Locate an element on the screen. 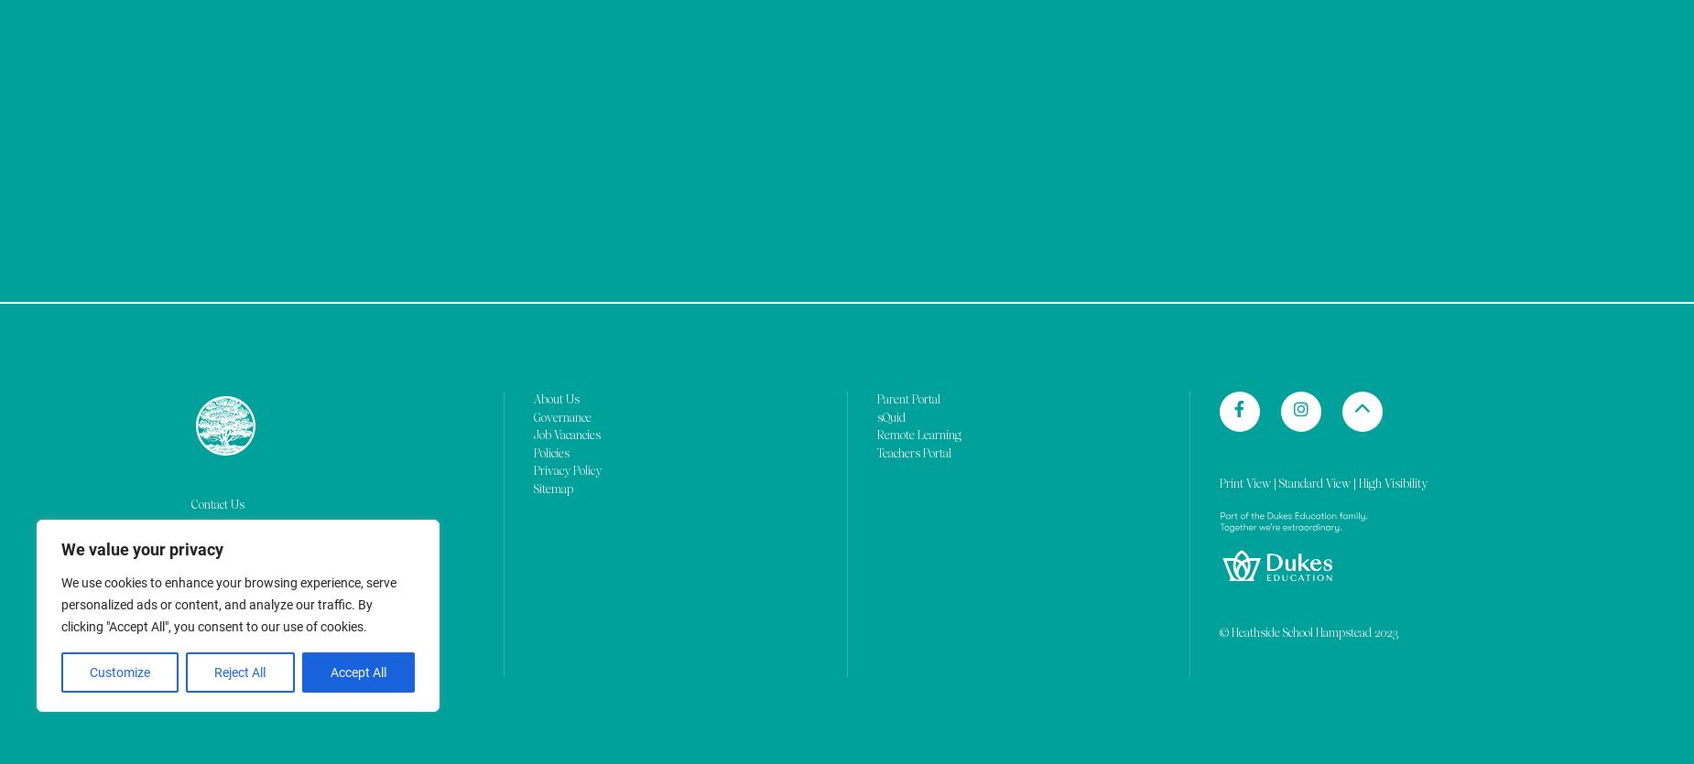 Image resolution: width=1694 pixels, height=764 pixels. 'High Visibility' is located at coordinates (1392, 38).